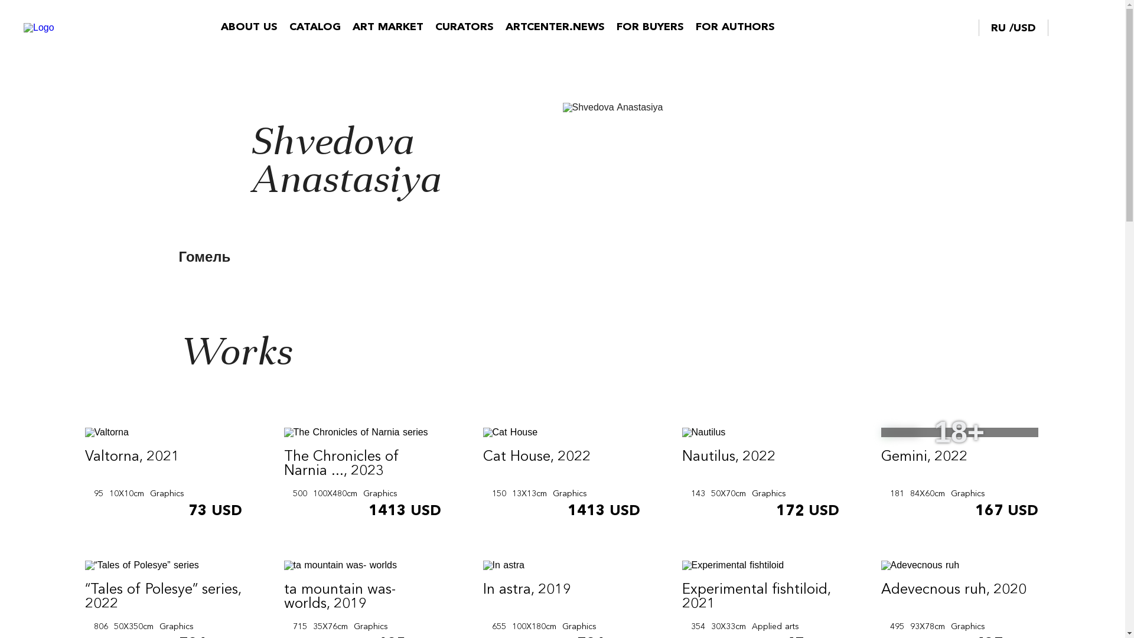 Image resolution: width=1134 pixels, height=638 pixels. What do you see at coordinates (561, 473) in the screenshot?
I see `'Cat House, 2022` at bounding box center [561, 473].